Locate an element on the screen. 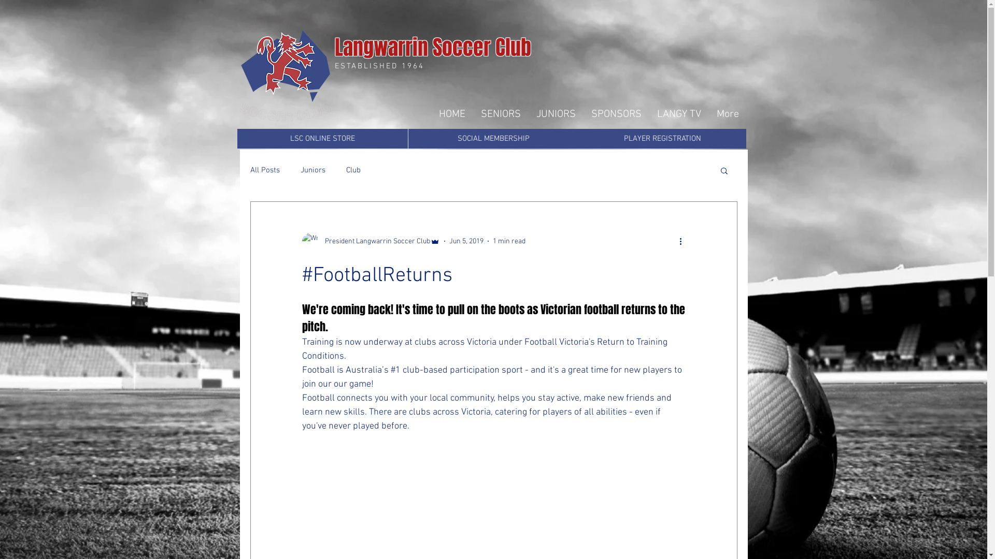  'SENIORS' is located at coordinates (500, 114).